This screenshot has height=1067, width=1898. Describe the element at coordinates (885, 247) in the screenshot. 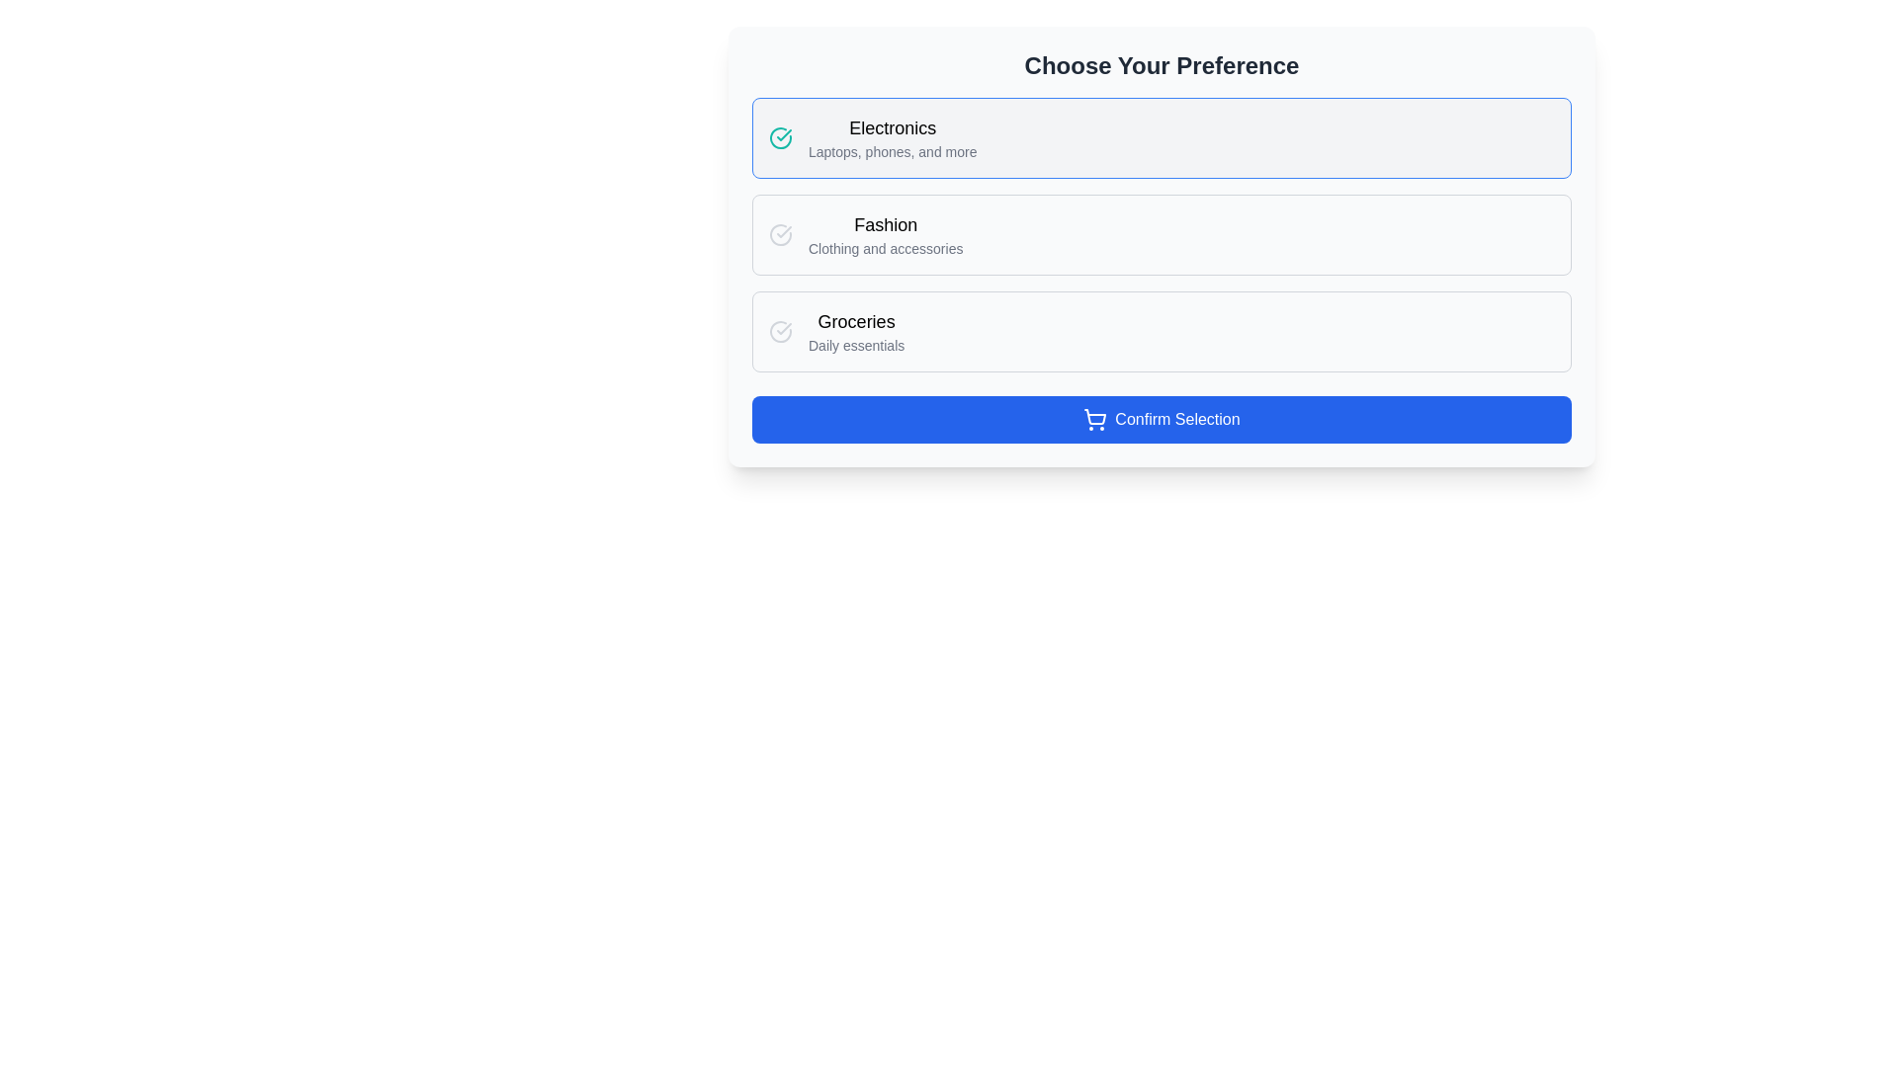

I see `the text label providing additional context for the 'Fashion' category, which is located below the 'Fashion' heading in a vertical list of preferences` at that location.